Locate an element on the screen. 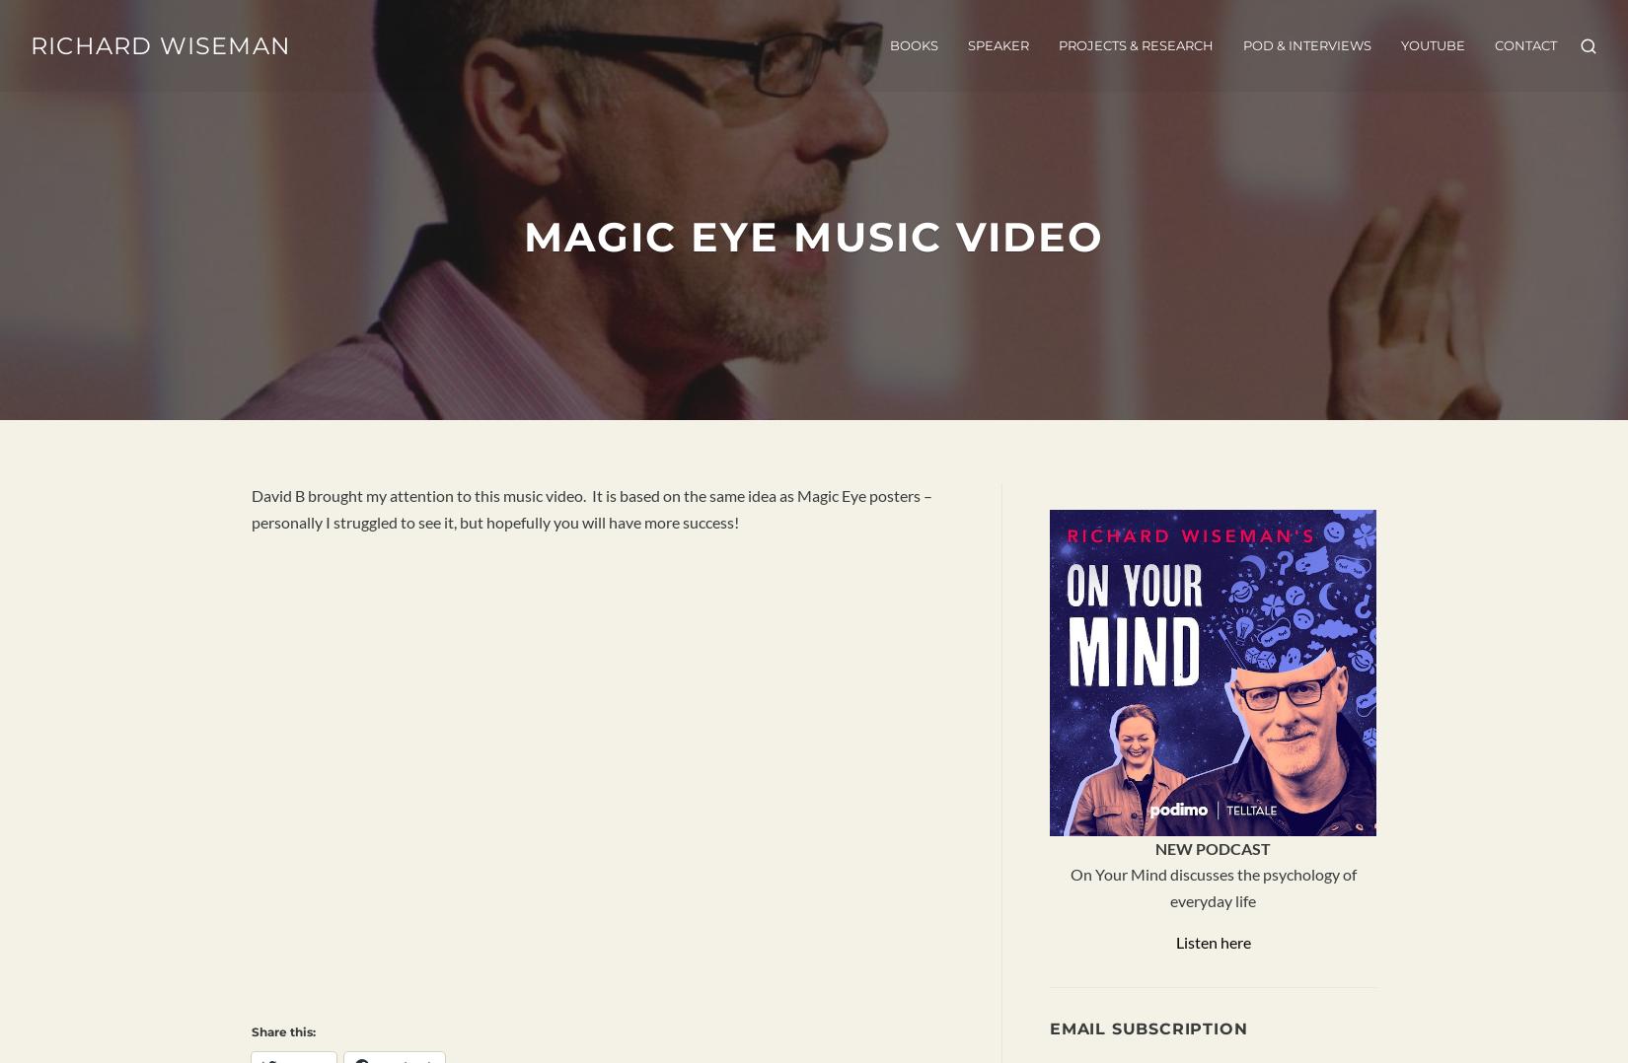 The height and width of the screenshot is (1063, 1628). 'SPEAKER' is located at coordinates (997, 46).